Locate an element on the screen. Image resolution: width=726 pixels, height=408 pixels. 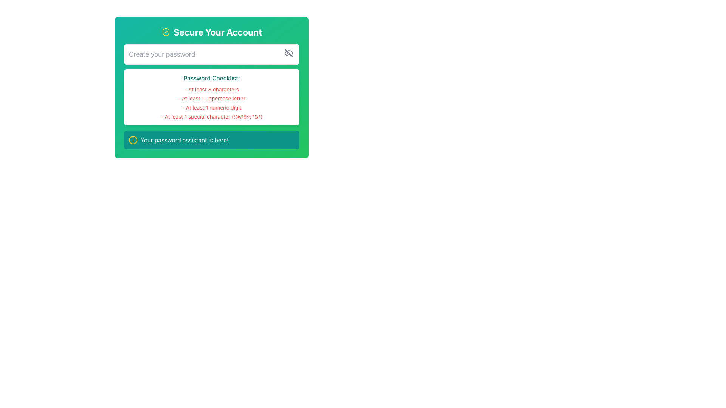
the checklist item displaying the requirement '- At least 1 numeric digit' in red font, positioned under the second item '- At least 1 uppercase letter' is located at coordinates (212, 108).